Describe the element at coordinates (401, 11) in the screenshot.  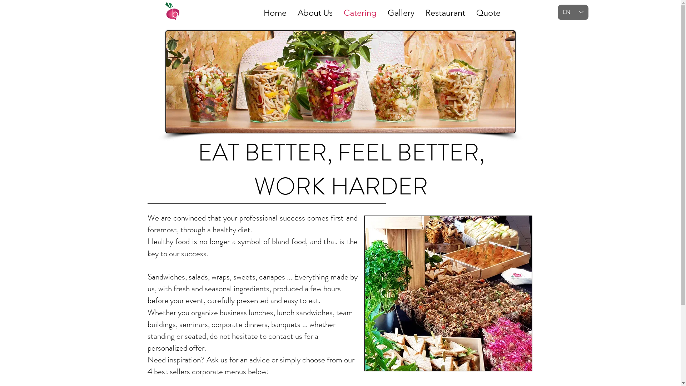
I see `'Gallery'` at that location.